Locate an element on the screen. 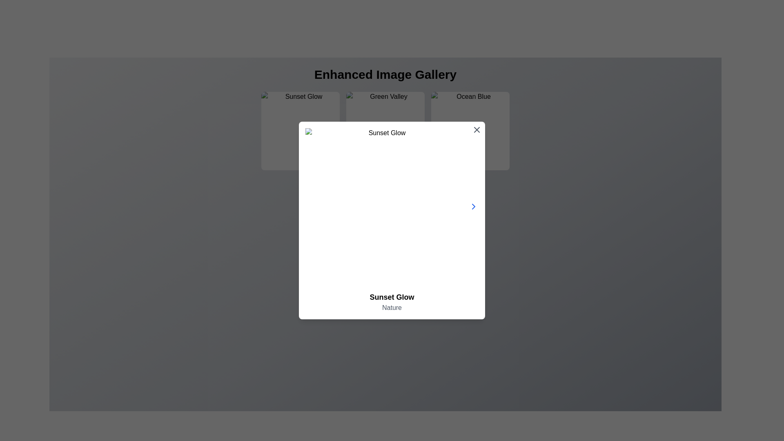  the text block containing 'Sunset Glow' and 'Nature', which is positioned at the bottom of a card or modal, centrally aligned under an image is located at coordinates (392, 302).